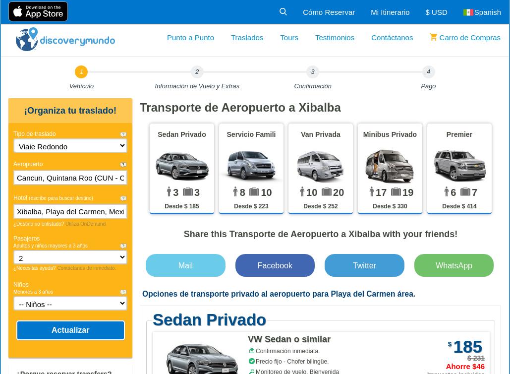 The height and width of the screenshot is (374, 510). What do you see at coordinates (65, 224) in the screenshot?
I see `'Utiliza OnDemand'` at bounding box center [65, 224].